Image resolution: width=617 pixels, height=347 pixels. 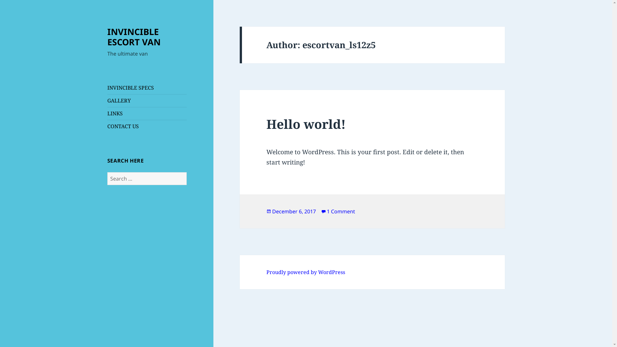 What do you see at coordinates (134, 37) in the screenshot?
I see `'INVINCIBLE ESCORT VAN'` at bounding box center [134, 37].